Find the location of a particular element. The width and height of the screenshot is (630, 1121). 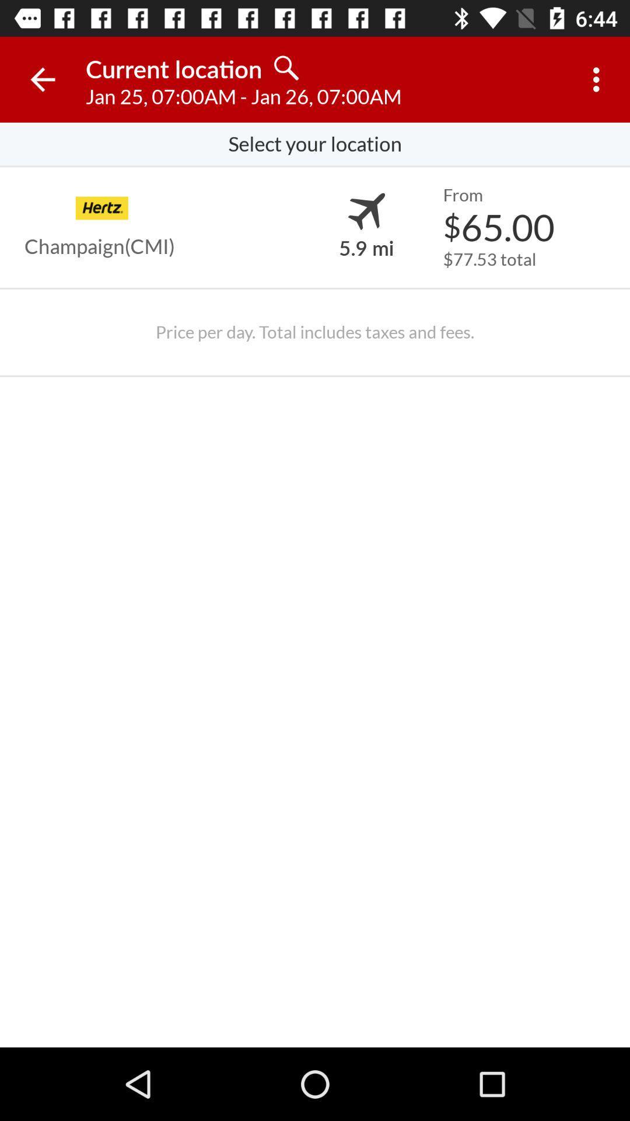

$65.00 item is located at coordinates (499, 227).